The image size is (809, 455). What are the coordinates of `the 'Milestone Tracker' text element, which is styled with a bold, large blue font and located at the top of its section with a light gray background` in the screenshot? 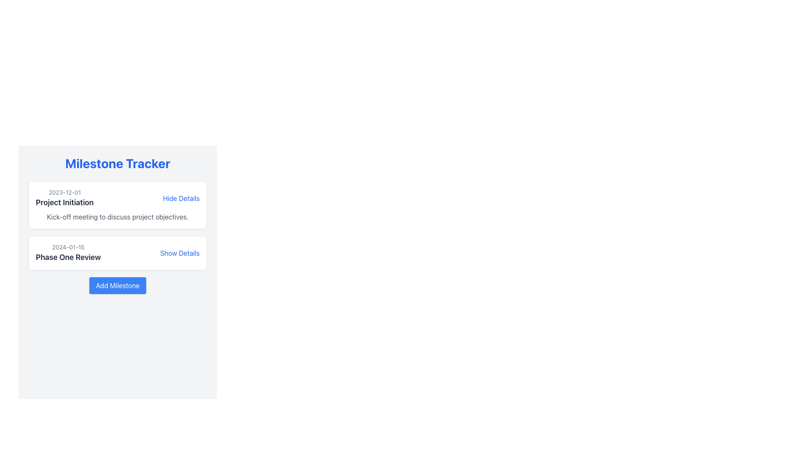 It's located at (117, 163).